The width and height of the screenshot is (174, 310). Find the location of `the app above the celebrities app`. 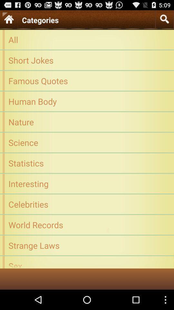

the app above the celebrities app is located at coordinates (87, 183).